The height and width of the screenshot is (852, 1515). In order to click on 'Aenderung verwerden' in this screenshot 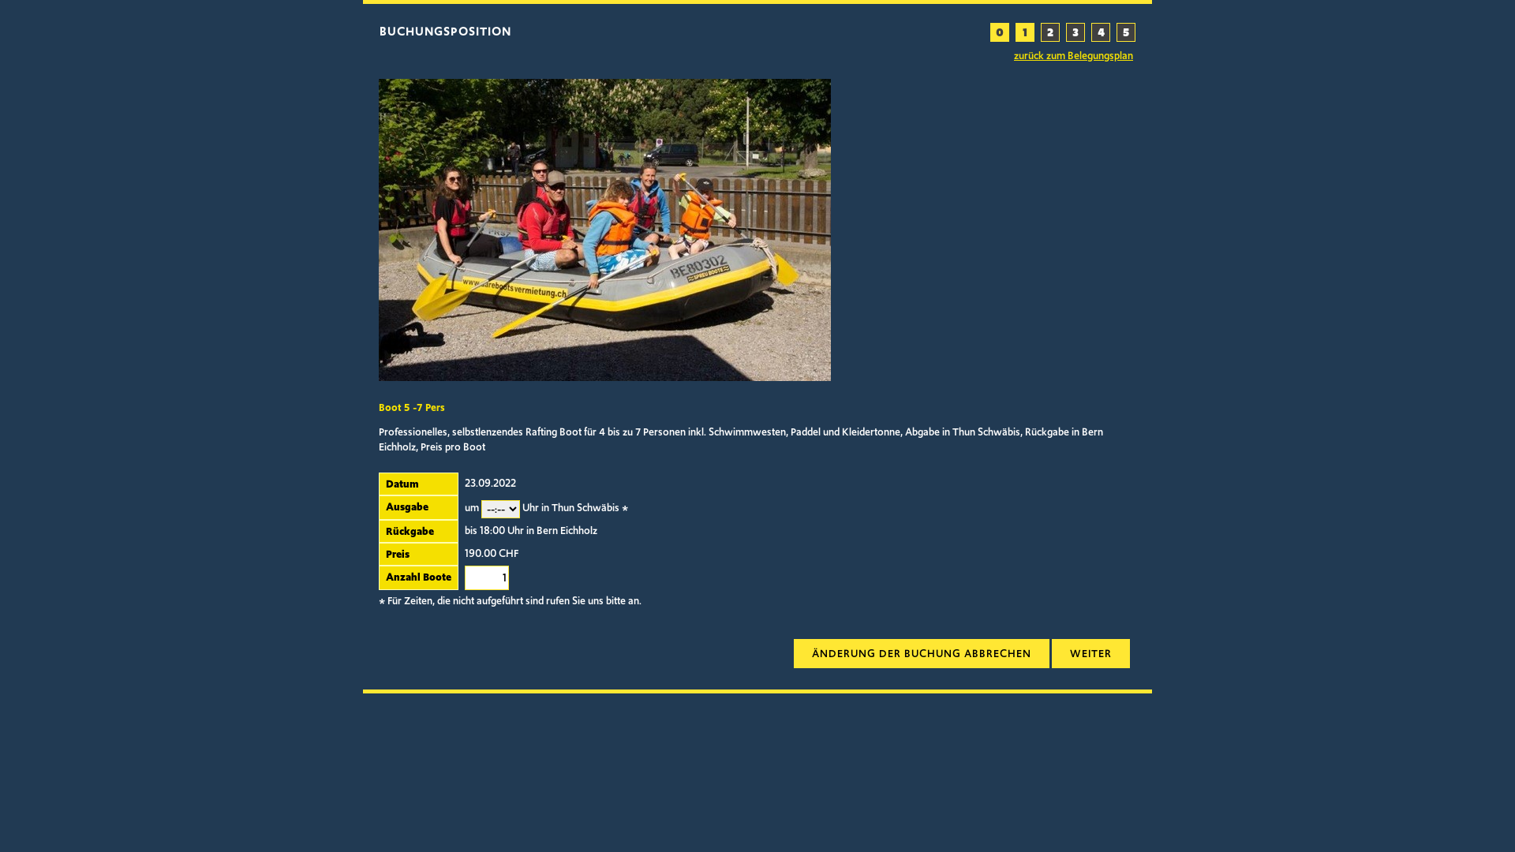, I will do `click(921, 653)`.